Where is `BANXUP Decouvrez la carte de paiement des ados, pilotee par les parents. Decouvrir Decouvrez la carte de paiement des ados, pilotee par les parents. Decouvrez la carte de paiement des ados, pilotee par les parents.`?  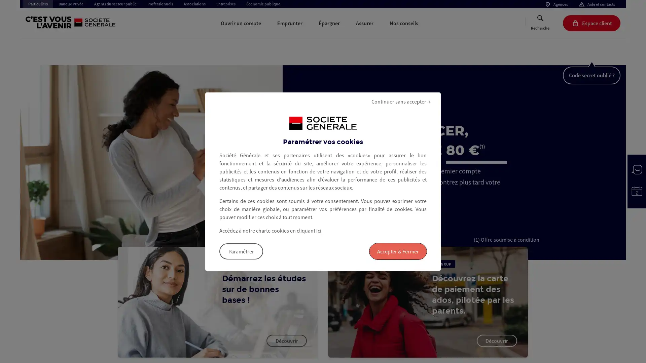
BANXUP Decouvrez la carte de paiement des ados, pilotee par les parents. Decouvrir Decouvrez la carte de paiement des ados, pilotee par les parents. Decouvrez la carte de paiement des ados, pilotee par les parents. is located at coordinates (427, 301).